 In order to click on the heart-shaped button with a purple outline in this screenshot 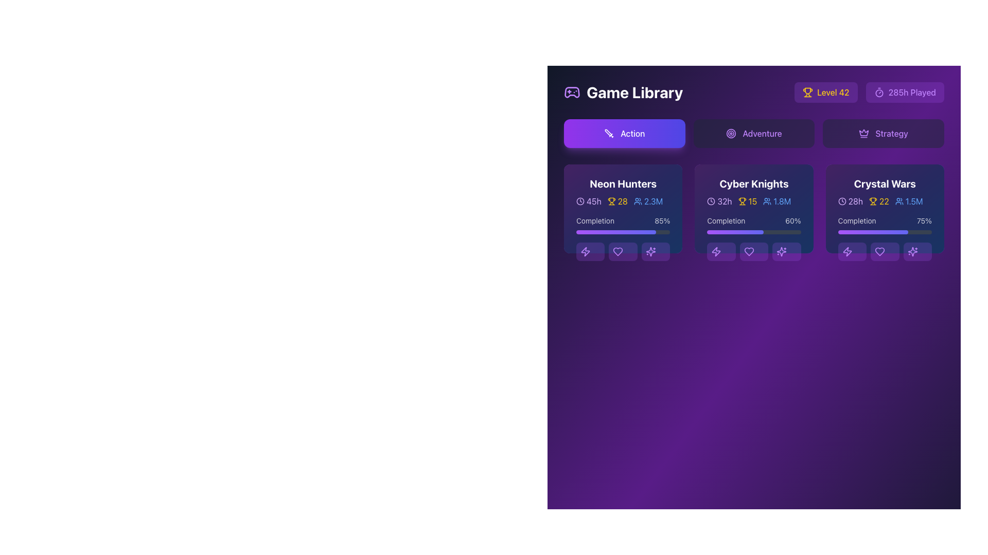, I will do `click(879, 251)`.